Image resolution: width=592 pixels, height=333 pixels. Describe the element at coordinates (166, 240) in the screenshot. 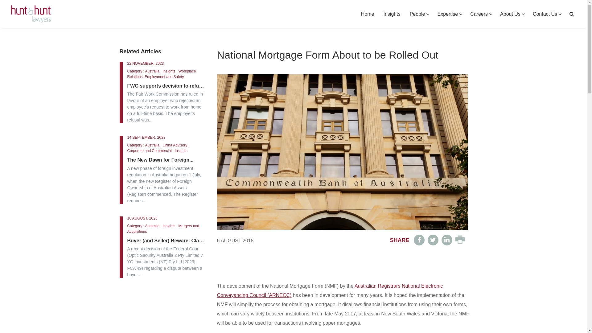

I see `'Buyer (and Seller) Beware: Claims...'` at that location.